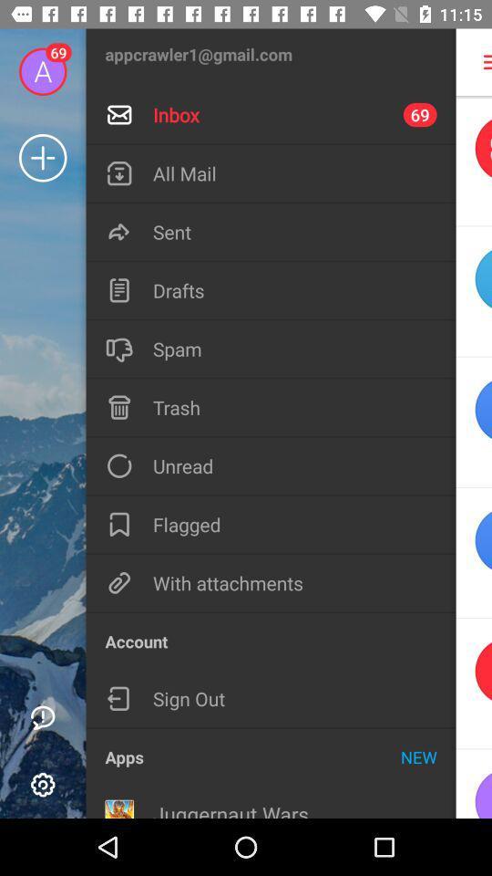 This screenshot has height=876, width=492. What do you see at coordinates (476, 62) in the screenshot?
I see `the more icon` at bounding box center [476, 62].